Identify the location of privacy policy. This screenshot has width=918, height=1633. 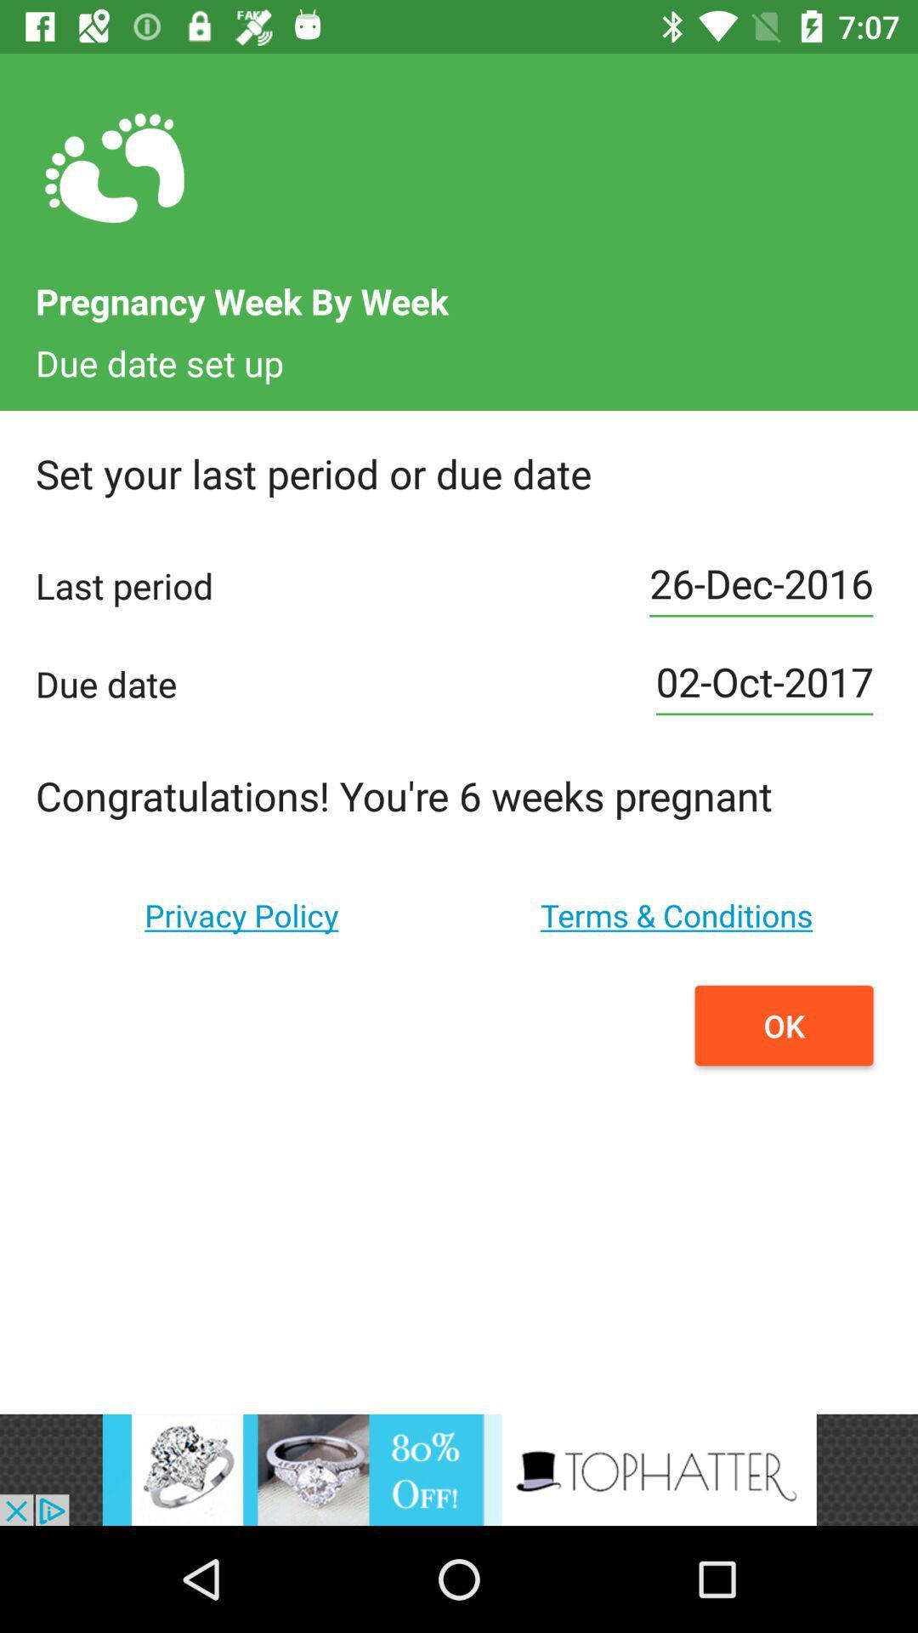
(241, 914).